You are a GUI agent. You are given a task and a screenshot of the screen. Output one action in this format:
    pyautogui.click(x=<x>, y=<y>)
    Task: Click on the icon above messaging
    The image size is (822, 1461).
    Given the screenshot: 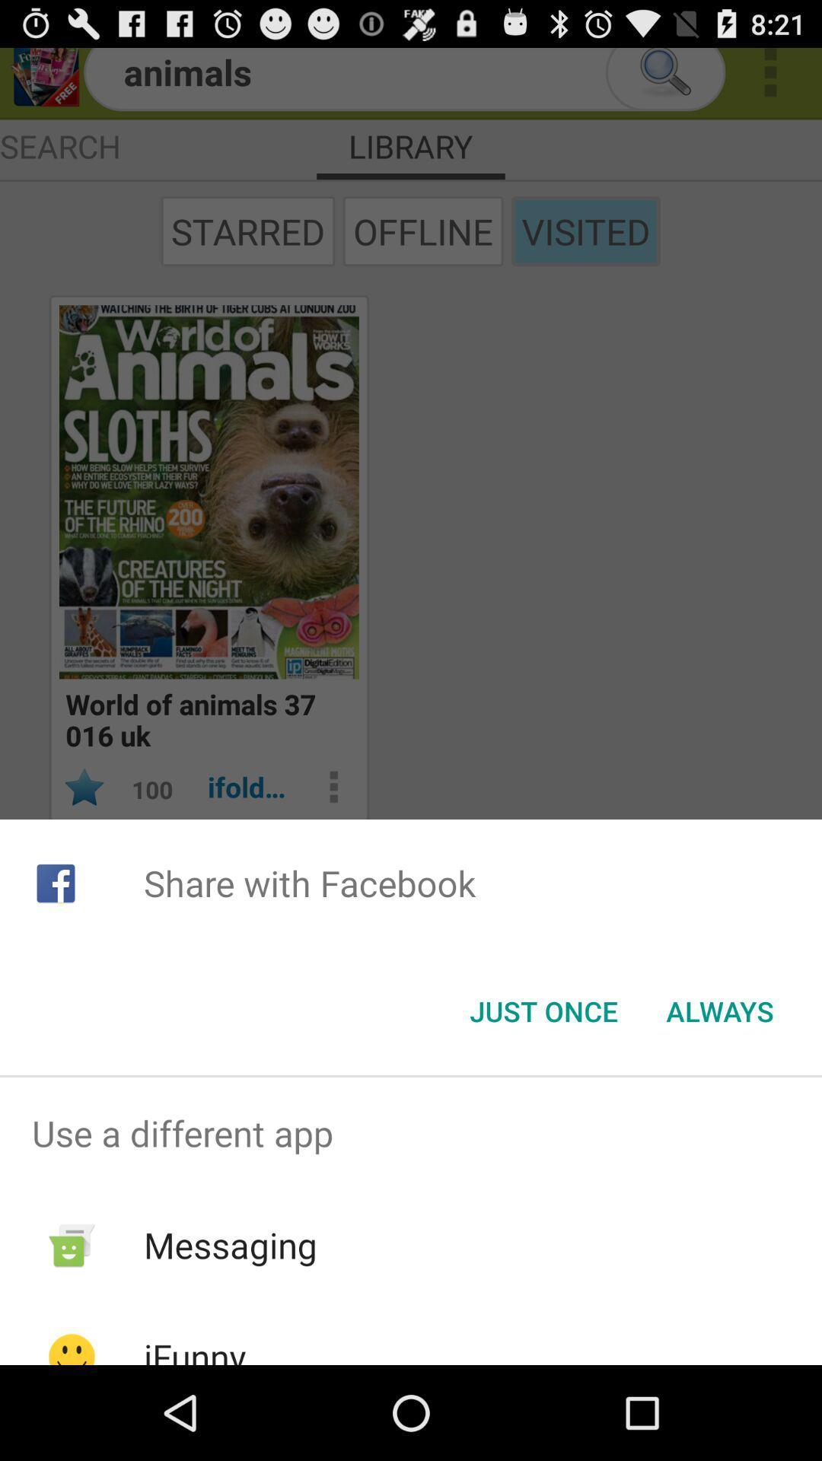 What is the action you would take?
    pyautogui.click(x=411, y=1133)
    